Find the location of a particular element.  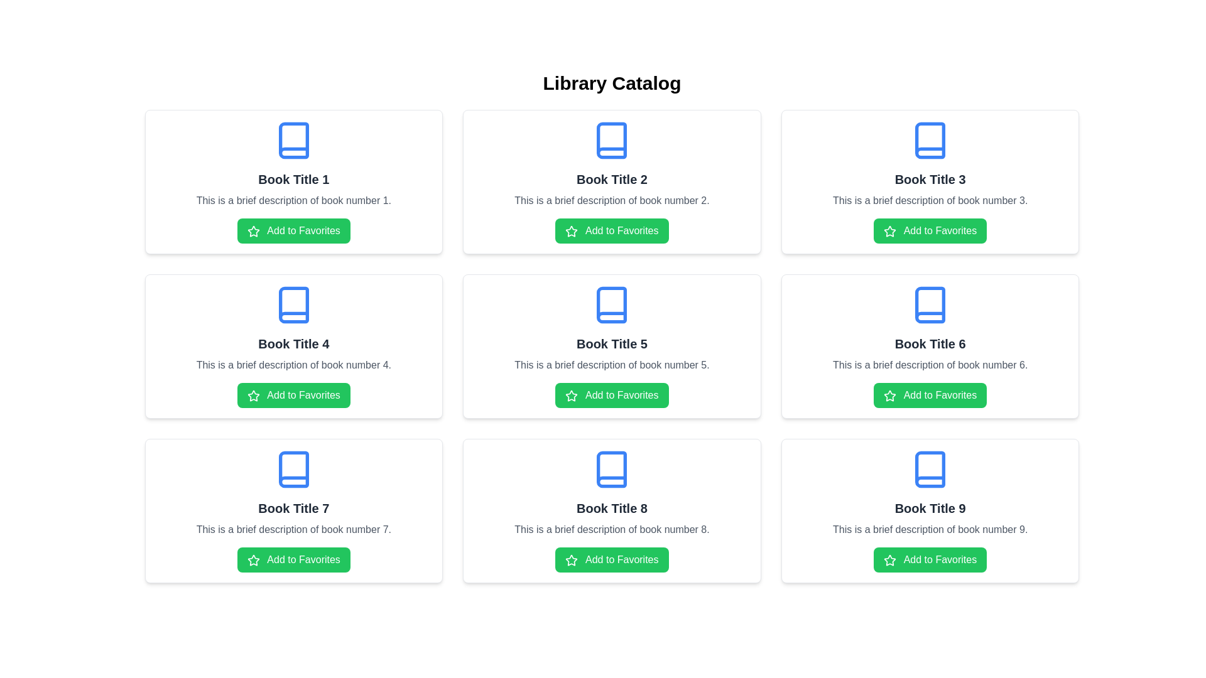

the favorite icon located within the 'Add to Favorites' button for 'Book Title 6' is located at coordinates (889, 395).